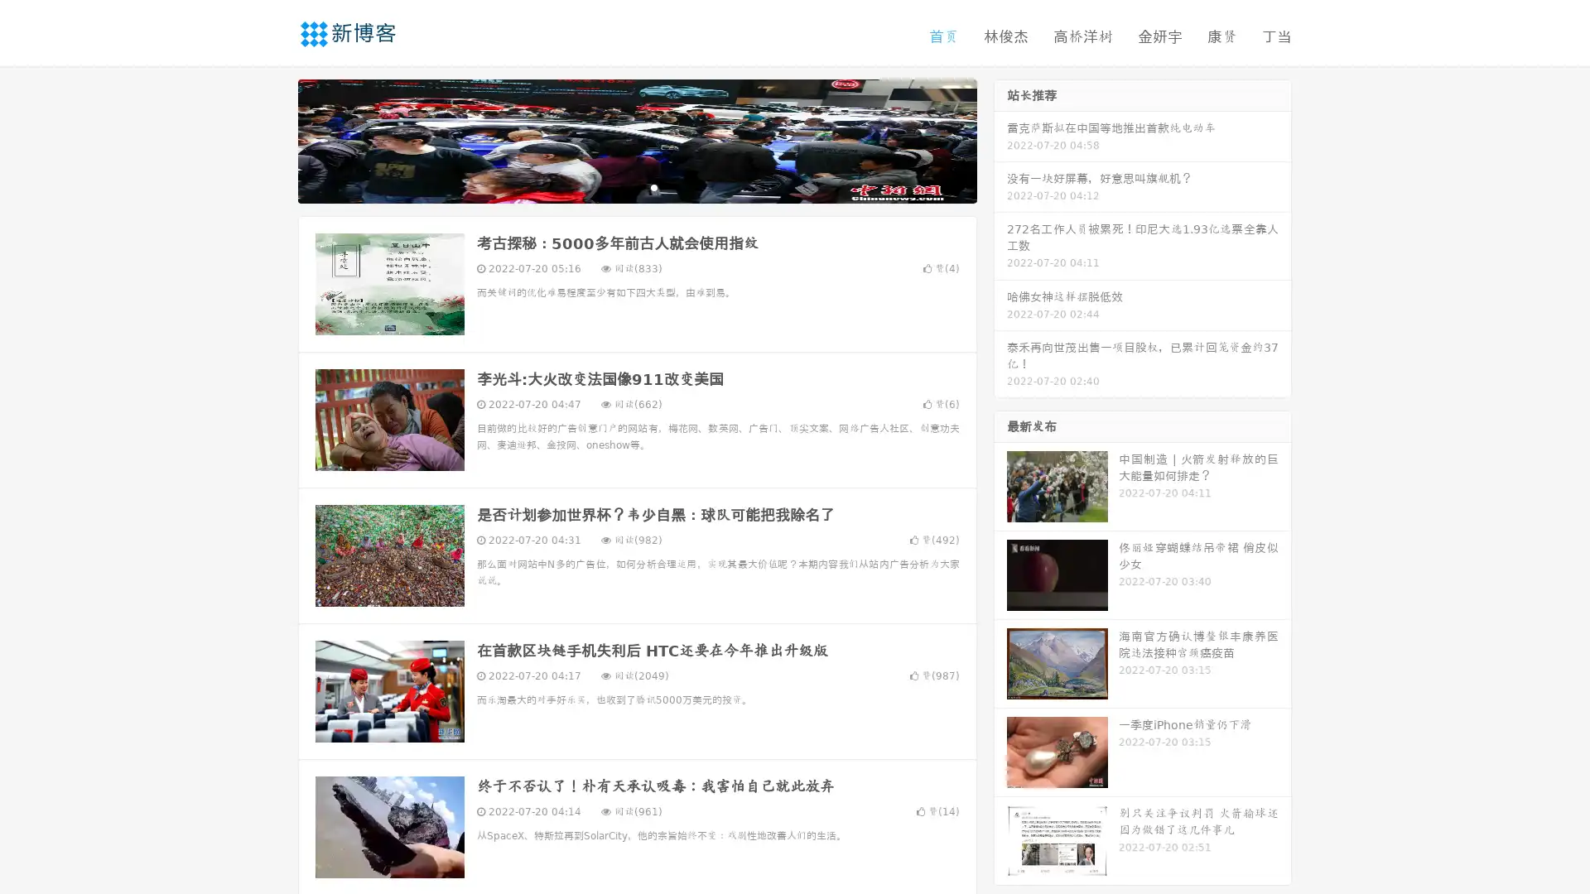 The height and width of the screenshot is (894, 1590). Describe the element at coordinates (636, 186) in the screenshot. I see `Go to slide 2` at that location.